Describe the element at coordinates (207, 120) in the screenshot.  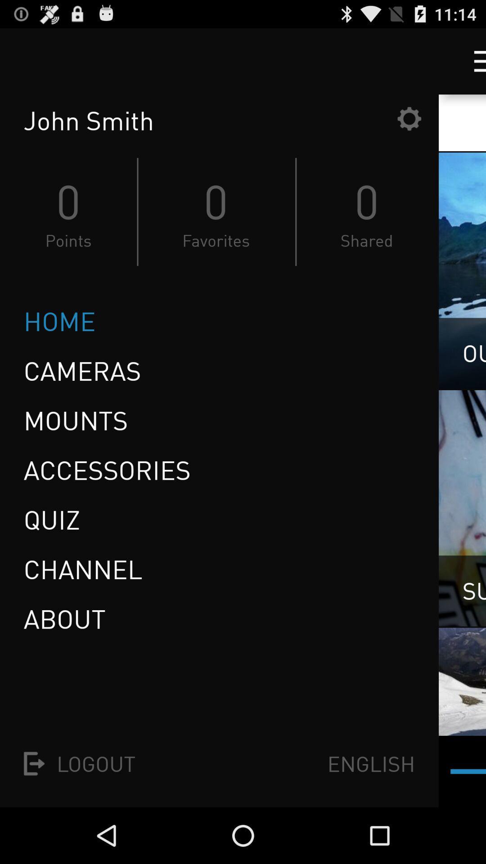
I see `john smith icon` at that location.